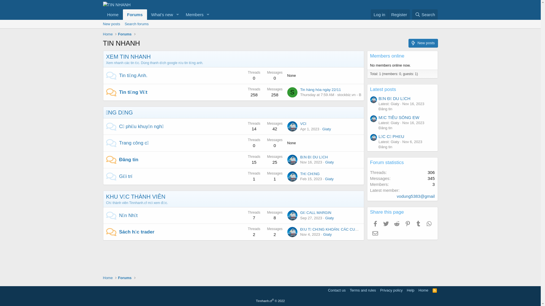 This screenshot has width=545, height=306. What do you see at coordinates (391, 290) in the screenshot?
I see `'Privacy policy'` at bounding box center [391, 290].